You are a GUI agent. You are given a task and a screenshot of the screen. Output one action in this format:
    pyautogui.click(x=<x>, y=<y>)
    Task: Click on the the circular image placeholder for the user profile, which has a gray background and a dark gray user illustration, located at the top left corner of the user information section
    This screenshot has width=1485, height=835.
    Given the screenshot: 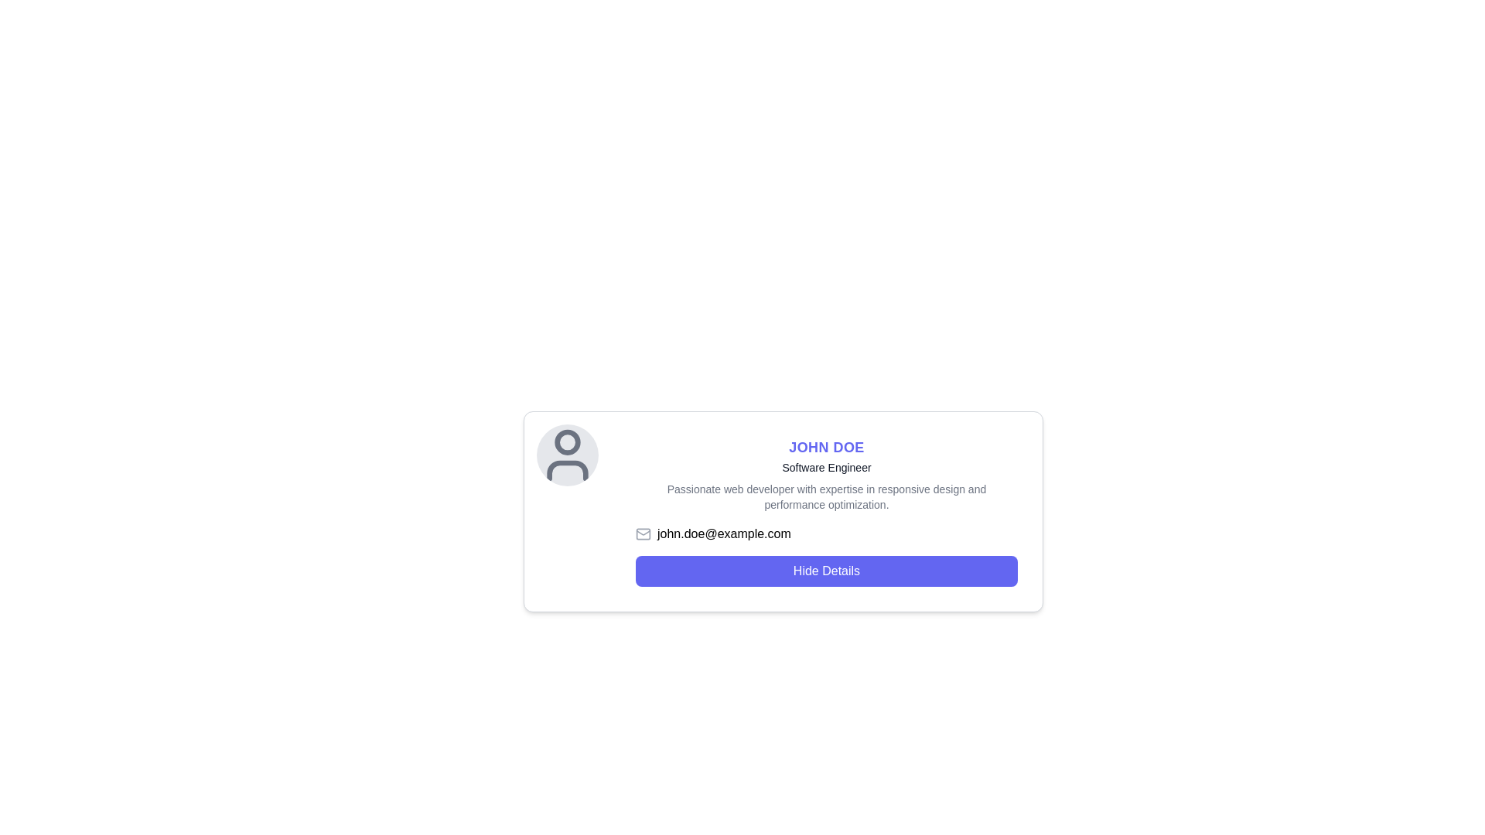 What is the action you would take?
    pyautogui.click(x=567, y=455)
    